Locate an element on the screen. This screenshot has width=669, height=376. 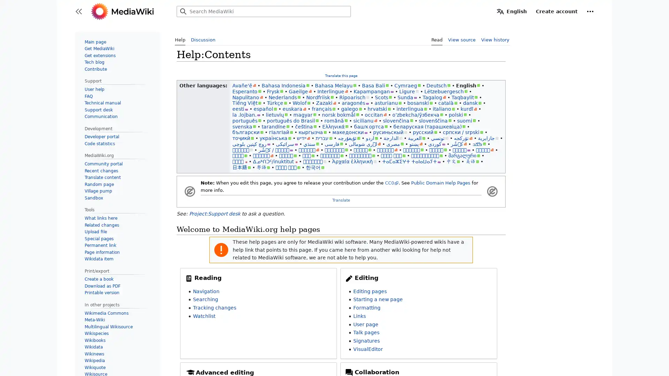
Go is located at coordinates (183, 11).